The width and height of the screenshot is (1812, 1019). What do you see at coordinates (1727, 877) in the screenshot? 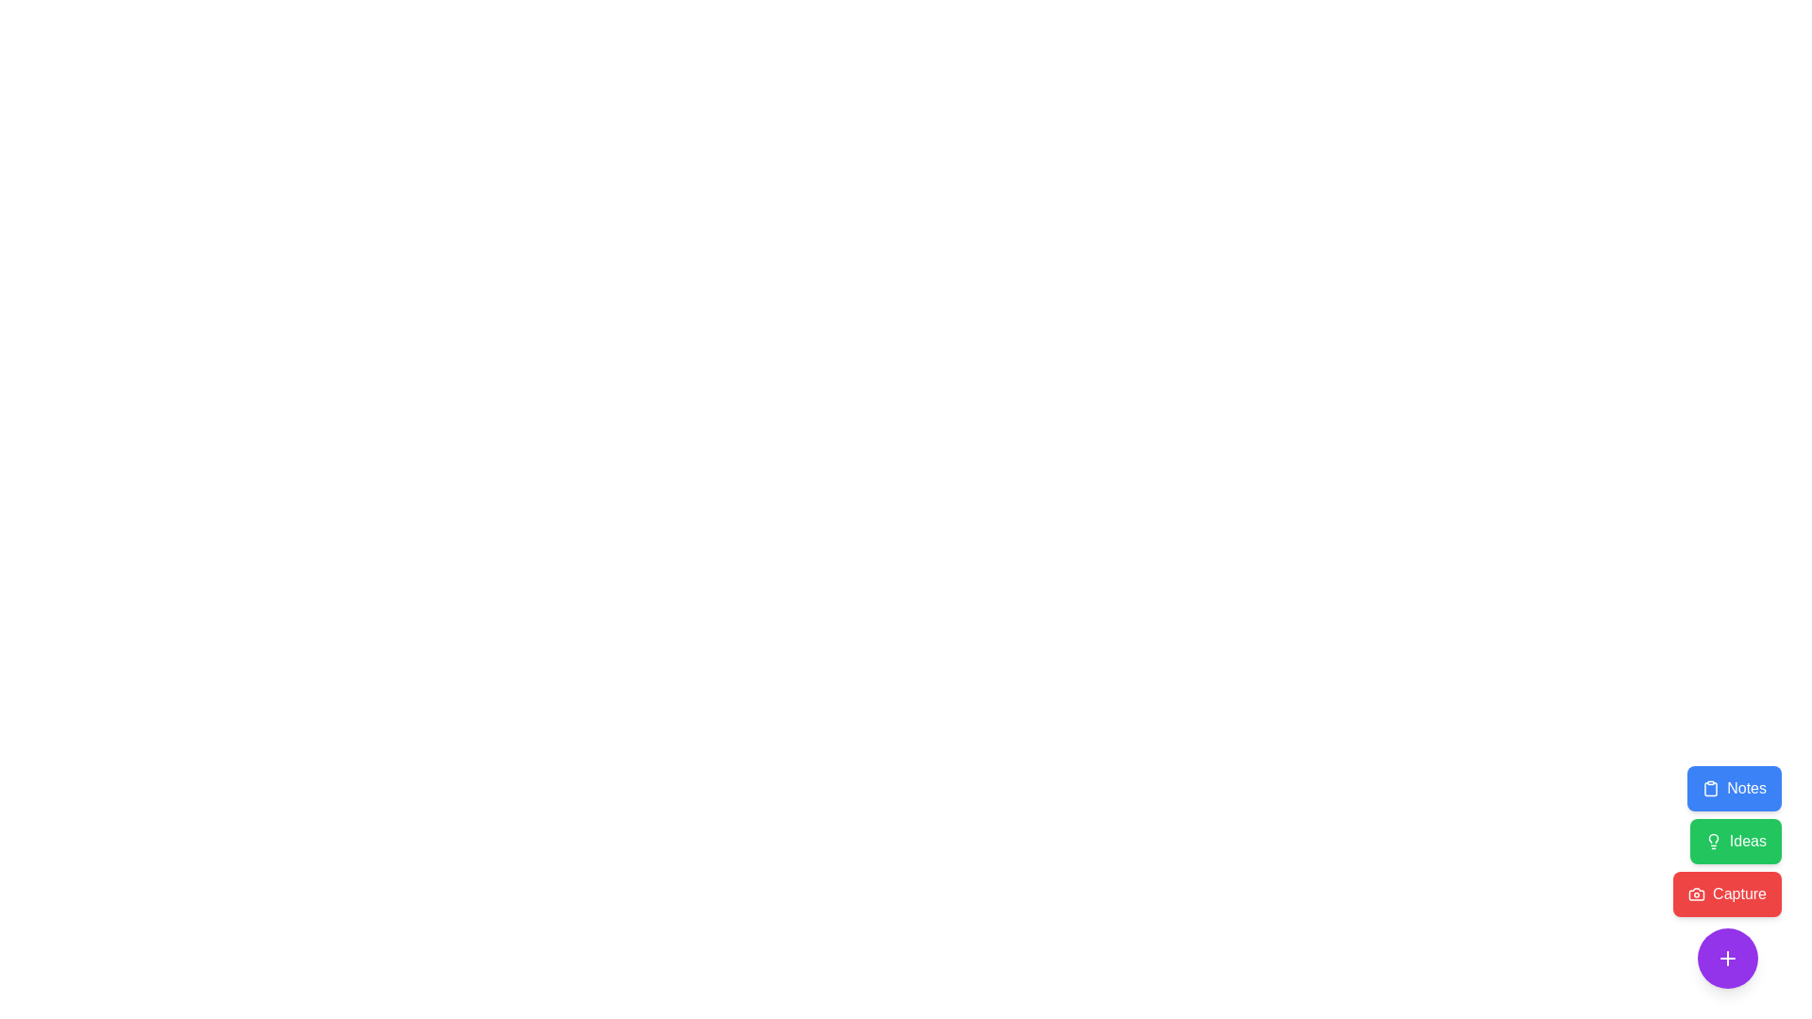
I see `the 'Capture' button with a red background and white text` at bounding box center [1727, 877].